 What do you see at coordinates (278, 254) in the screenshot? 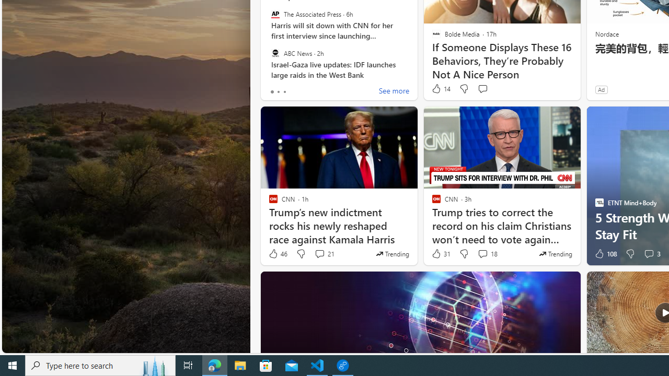
I see `'46 Like'` at bounding box center [278, 254].